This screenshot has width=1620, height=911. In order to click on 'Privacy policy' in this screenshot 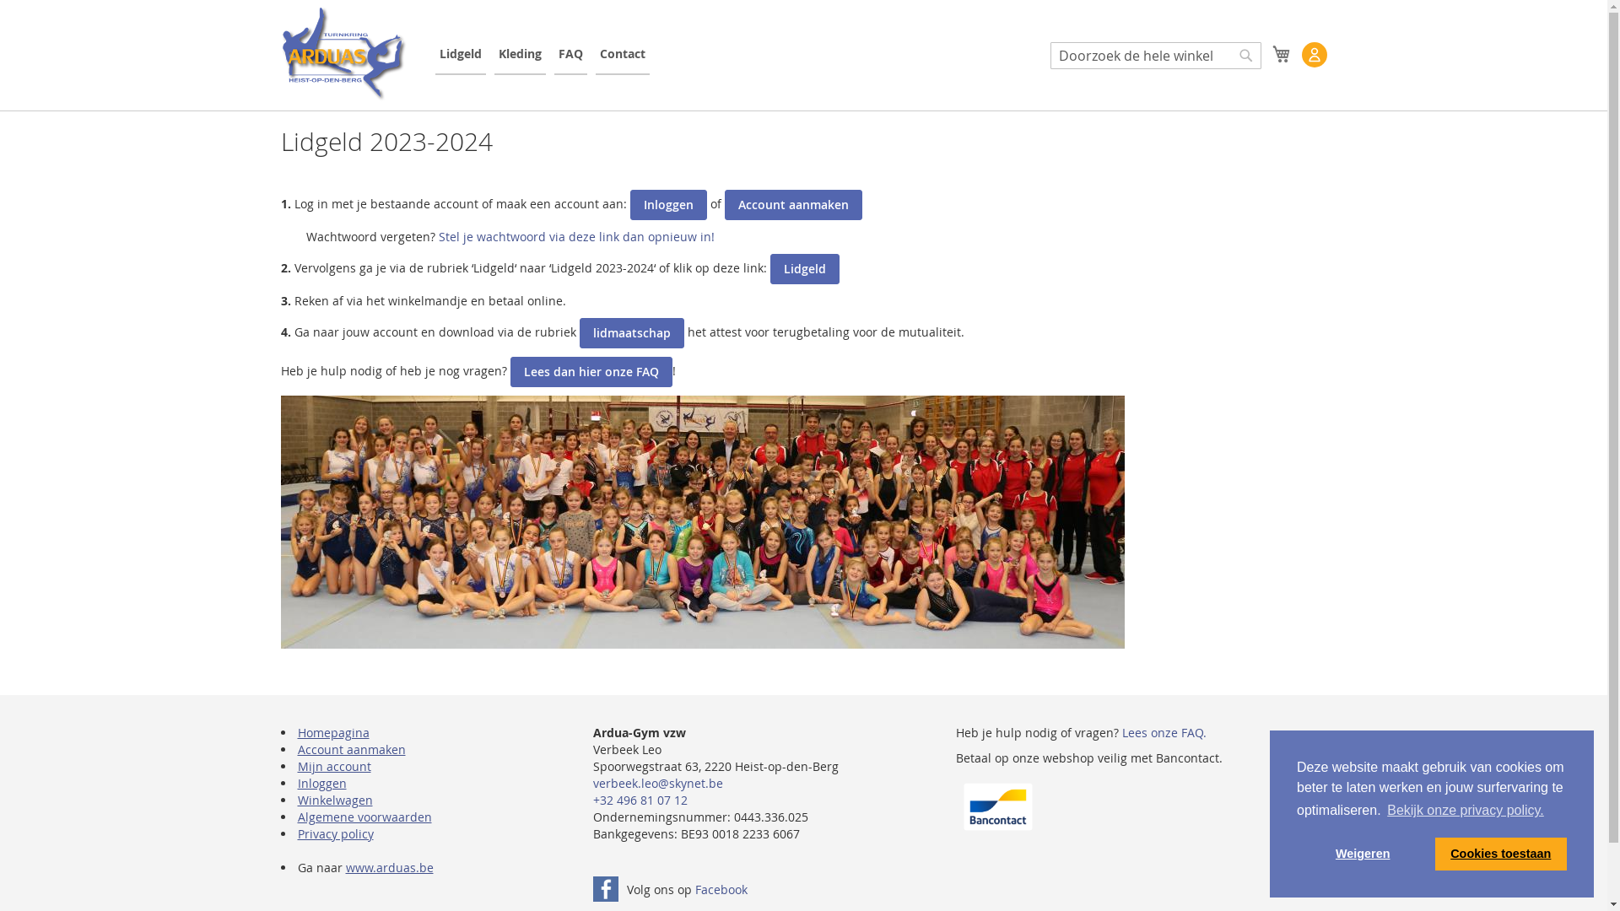, I will do `click(335, 833)`.